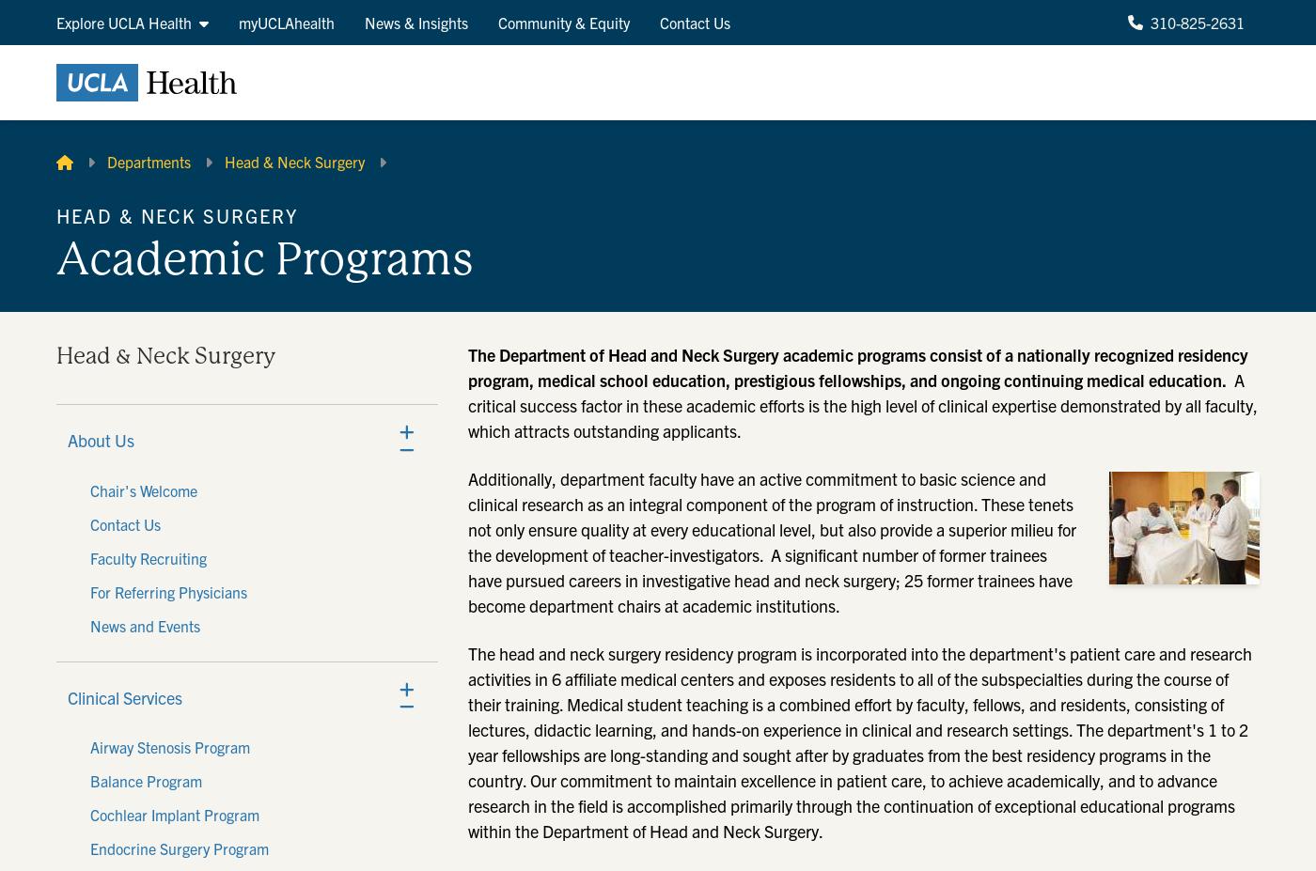 This screenshot has height=871, width=1316. Describe the element at coordinates (106, 161) in the screenshot. I see `'Departments'` at that location.